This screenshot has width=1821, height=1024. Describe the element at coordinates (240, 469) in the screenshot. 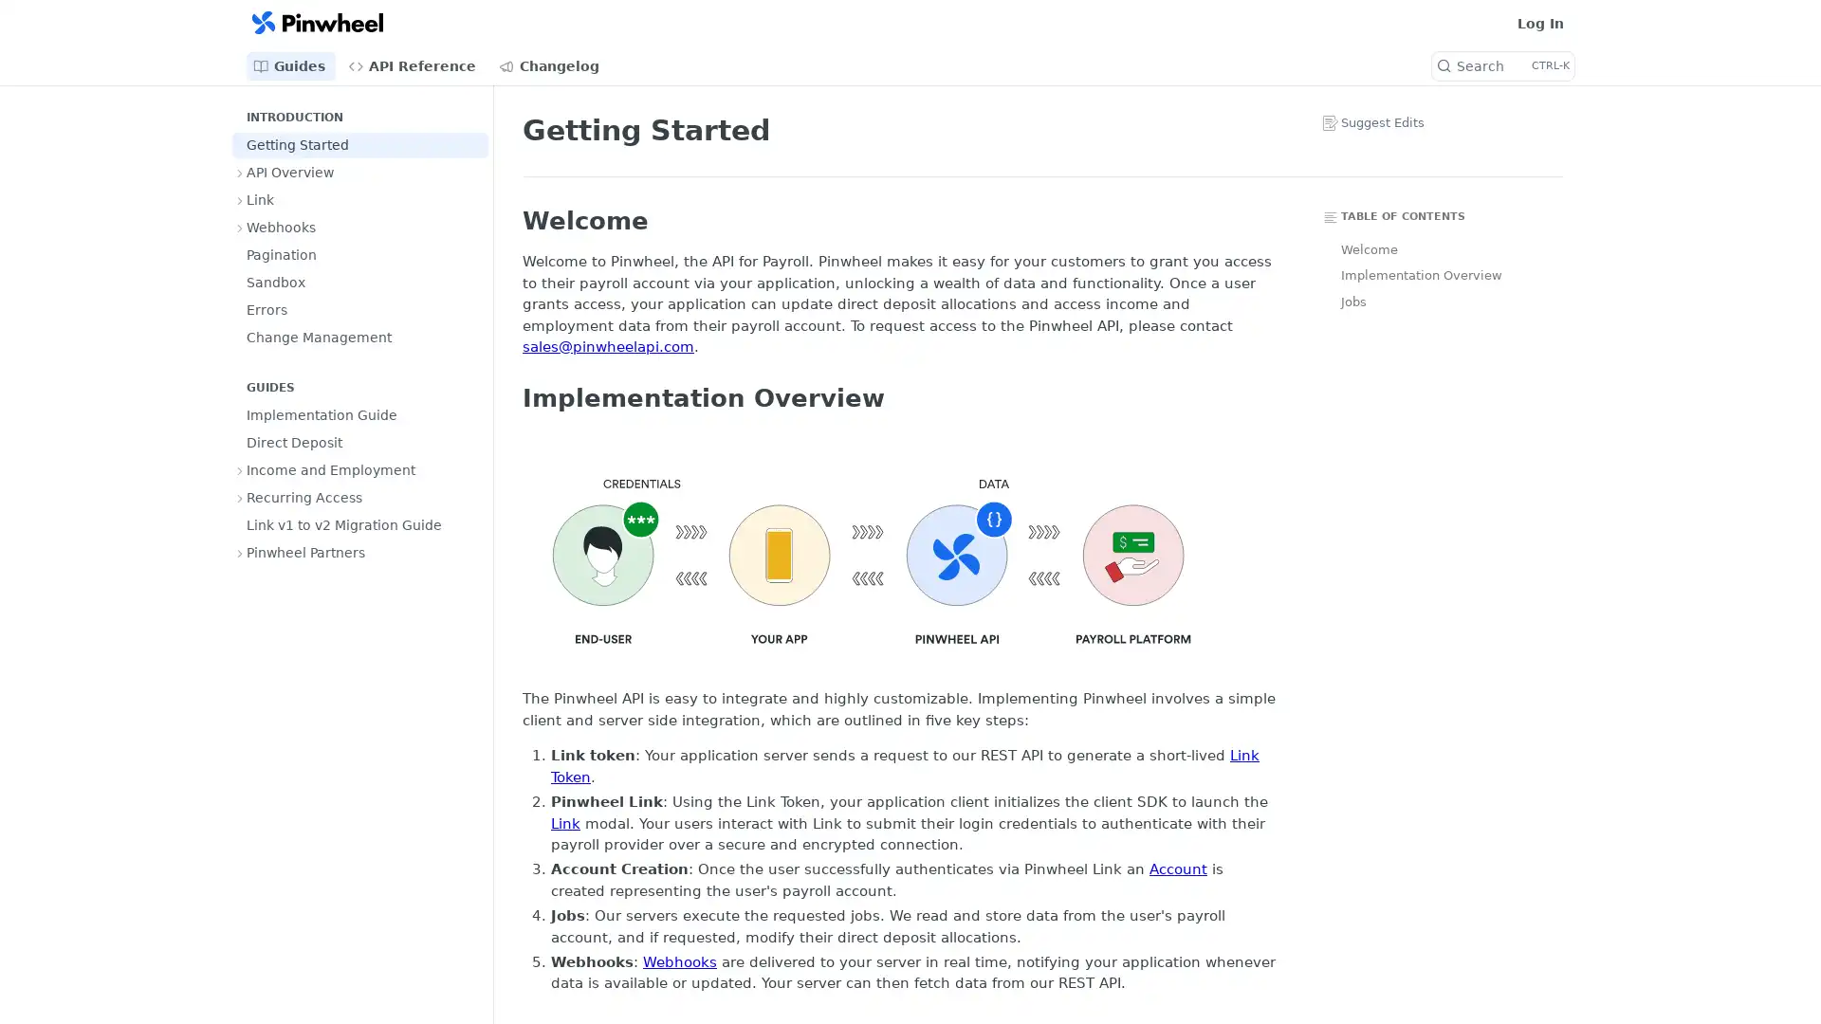

I see `Show subpages for Income and Employment` at that location.